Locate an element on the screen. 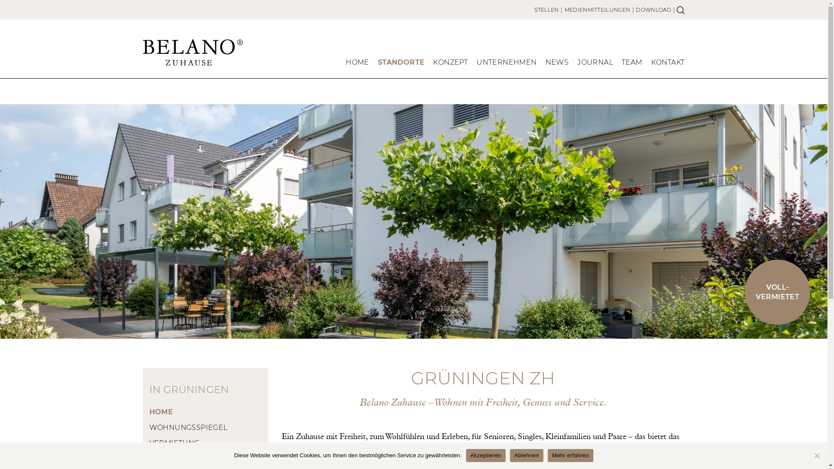 The image size is (834, 469). 'UNTERNEHMEN' is located at coordinates (476, 63).